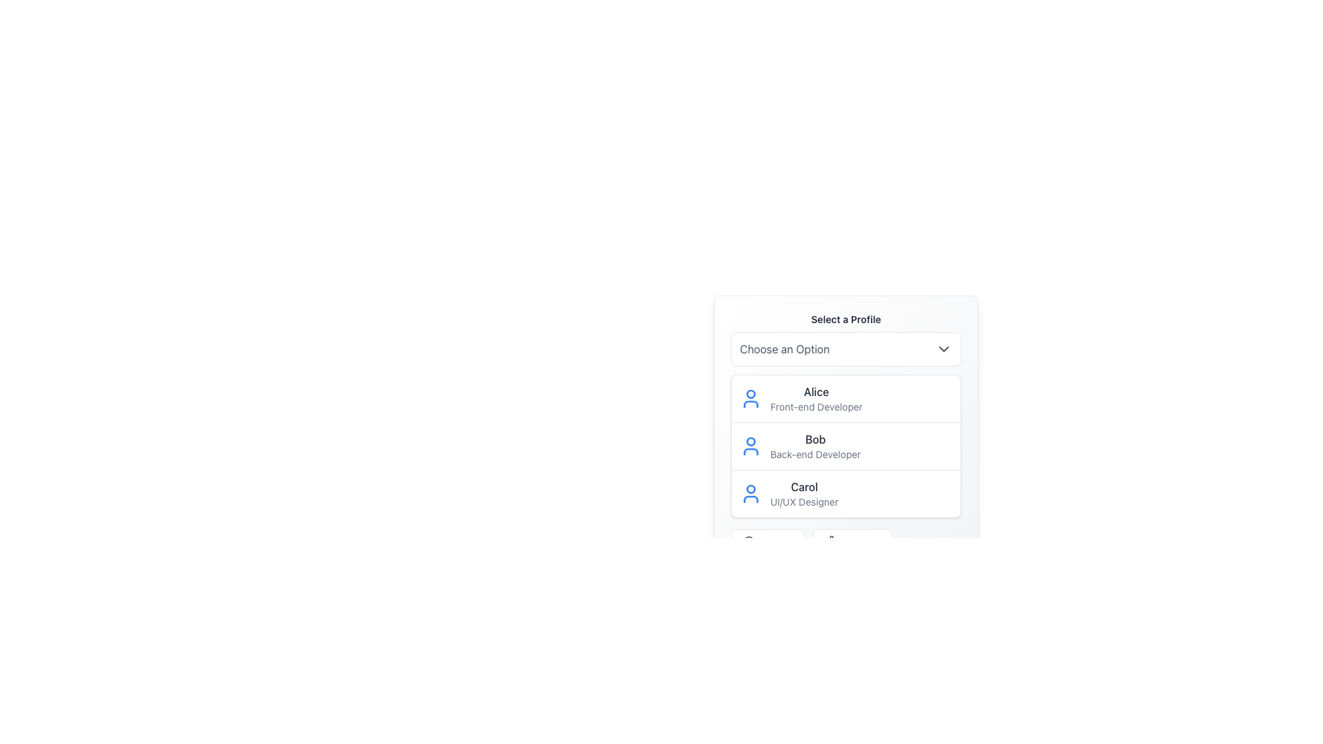  What do you see at coordinates (817, 406) in the screenshot?
I see `the Text label indicating 'Alice's professional designation as a Front-end Developer, located beneath the 'Alice' profile entry` at bounding box center [817, 406].